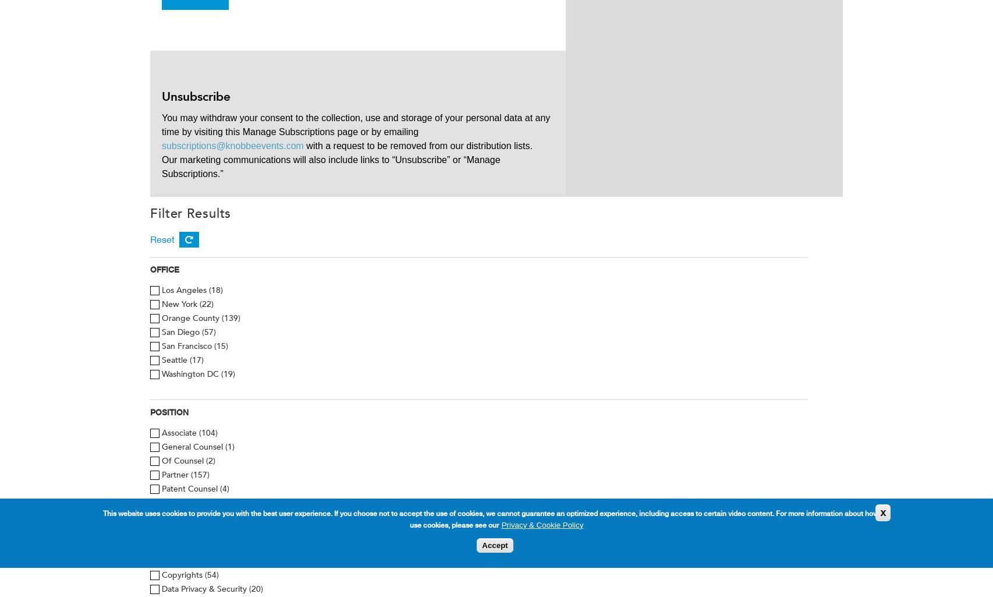  What do you see at coordinates (882, 512) in the screenshot?
I see `'x'` at bounding box center [882, 512].